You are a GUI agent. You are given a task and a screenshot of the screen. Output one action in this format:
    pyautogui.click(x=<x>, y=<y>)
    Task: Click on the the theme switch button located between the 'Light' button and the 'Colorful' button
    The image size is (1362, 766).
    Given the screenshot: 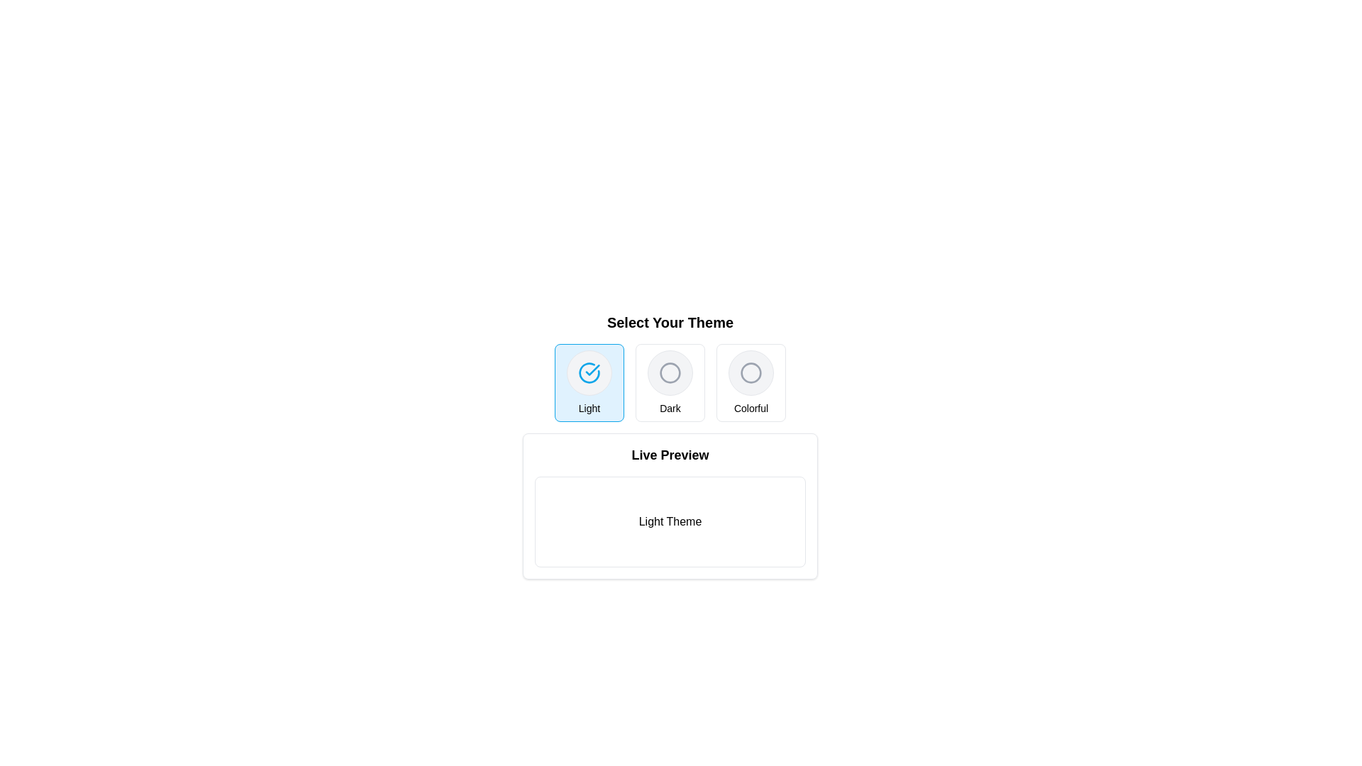 What is the action you would take?
    pyautogui.click(x=670, y=383)
    